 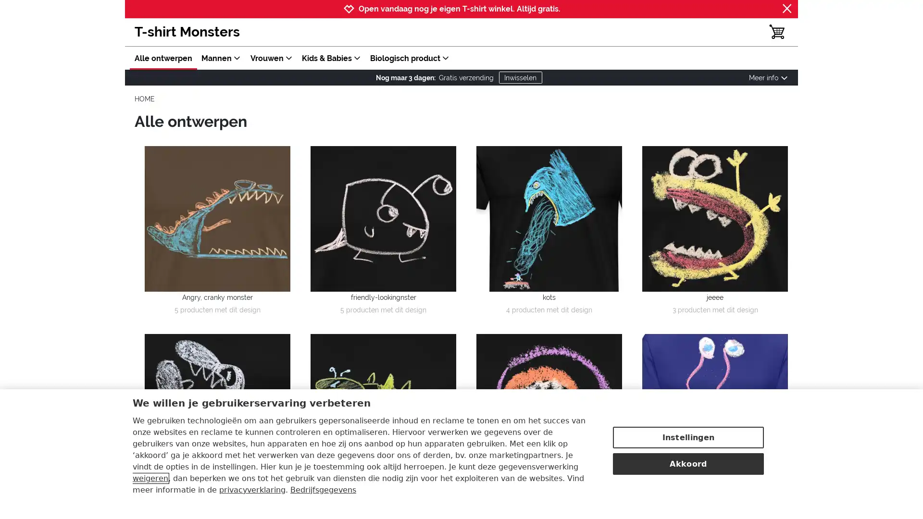 I want to click on longster - Mannen Premium T-shirt, so click(x=715, y=407).